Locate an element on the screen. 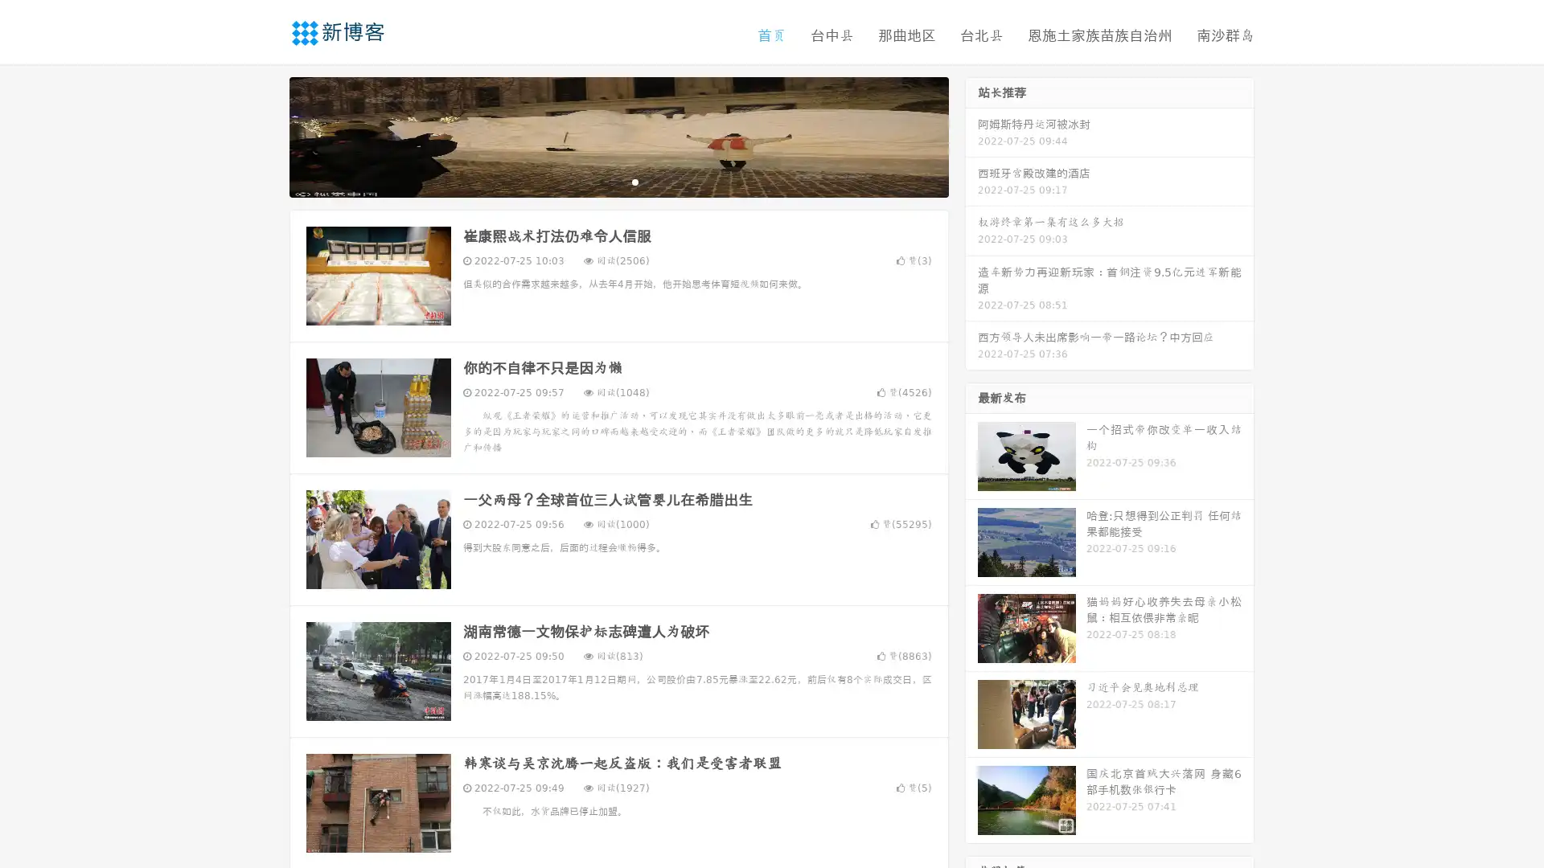 This screenshot has height=868, width=1544. Next slide is located at coordinates (971, 135).